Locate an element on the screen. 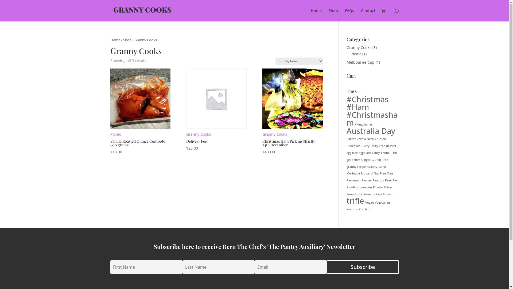  'Tomato' is located at coordinates (388, 194).